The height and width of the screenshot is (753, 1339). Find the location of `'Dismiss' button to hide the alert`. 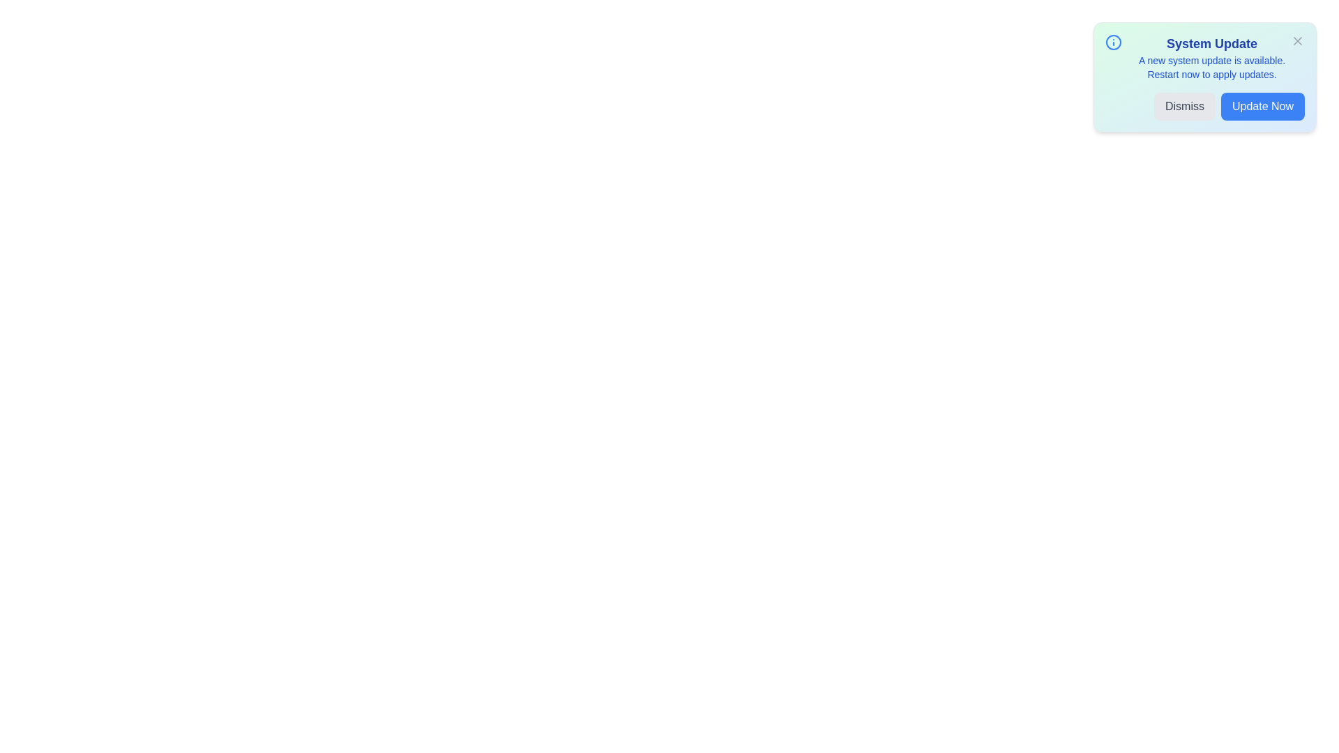

'Dismiss' button to hide the alert is located at coordinates (1184, 106).